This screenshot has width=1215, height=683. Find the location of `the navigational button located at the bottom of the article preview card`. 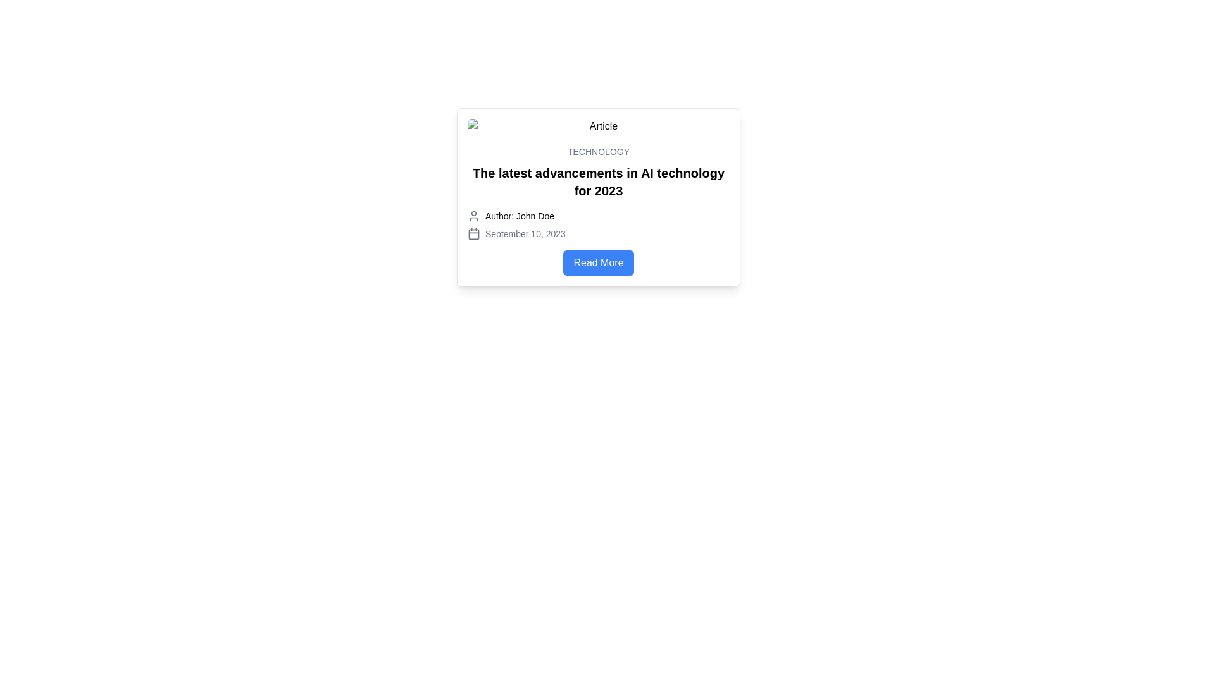

the navigational button located at the bottom of the article preview card is located at coordinates (597, 262).